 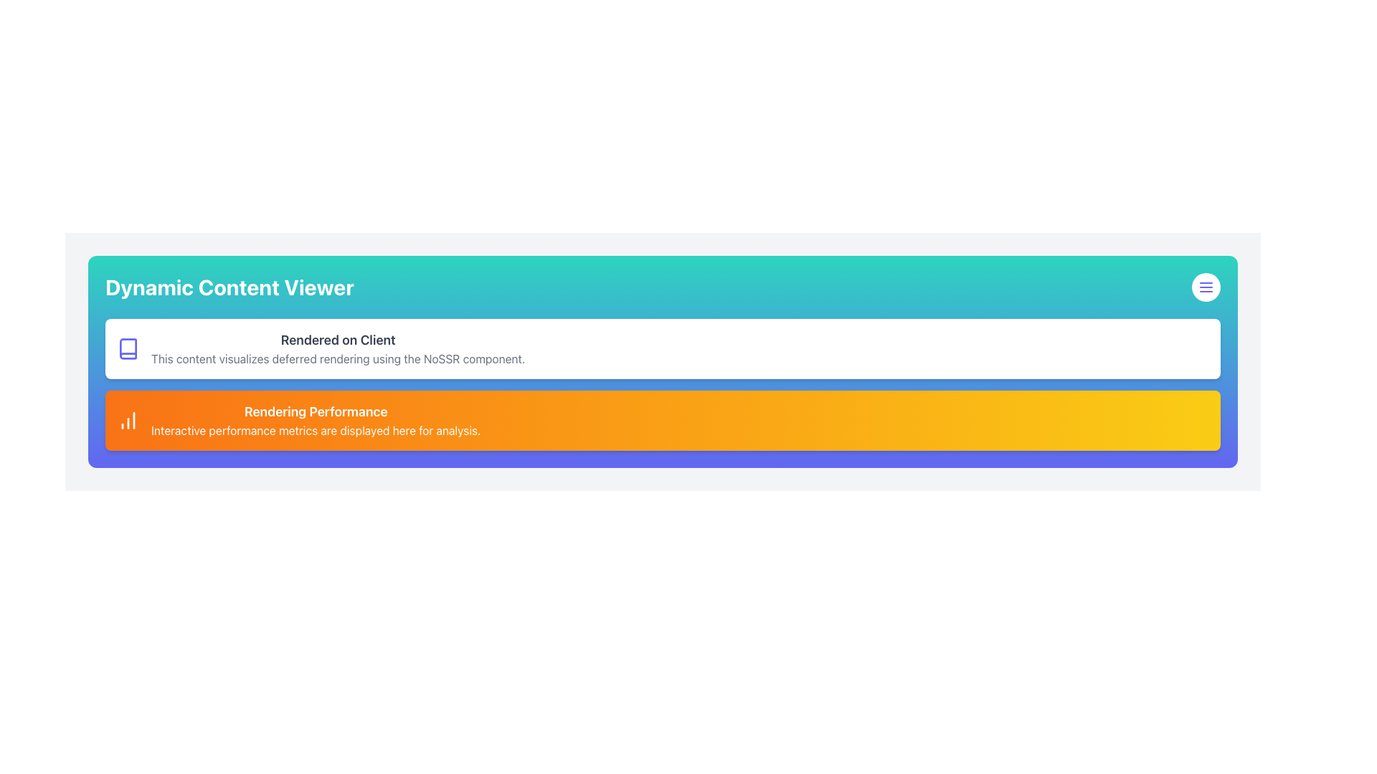 What do you see at coordinates (128, 348) in the screenshot?
I see `the indigo book icon, which is a vector graphic located at the top-left corner of a white rounded rectangular card, adjacent to the text 'Rendered on Client'` at bounding box center [128, 348].